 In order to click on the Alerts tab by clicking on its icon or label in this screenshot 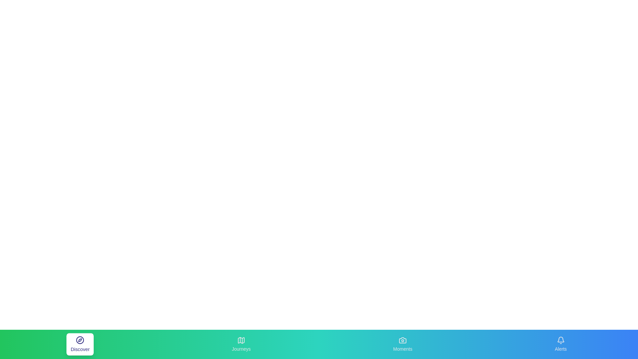, I will do `click(560, 344)`.